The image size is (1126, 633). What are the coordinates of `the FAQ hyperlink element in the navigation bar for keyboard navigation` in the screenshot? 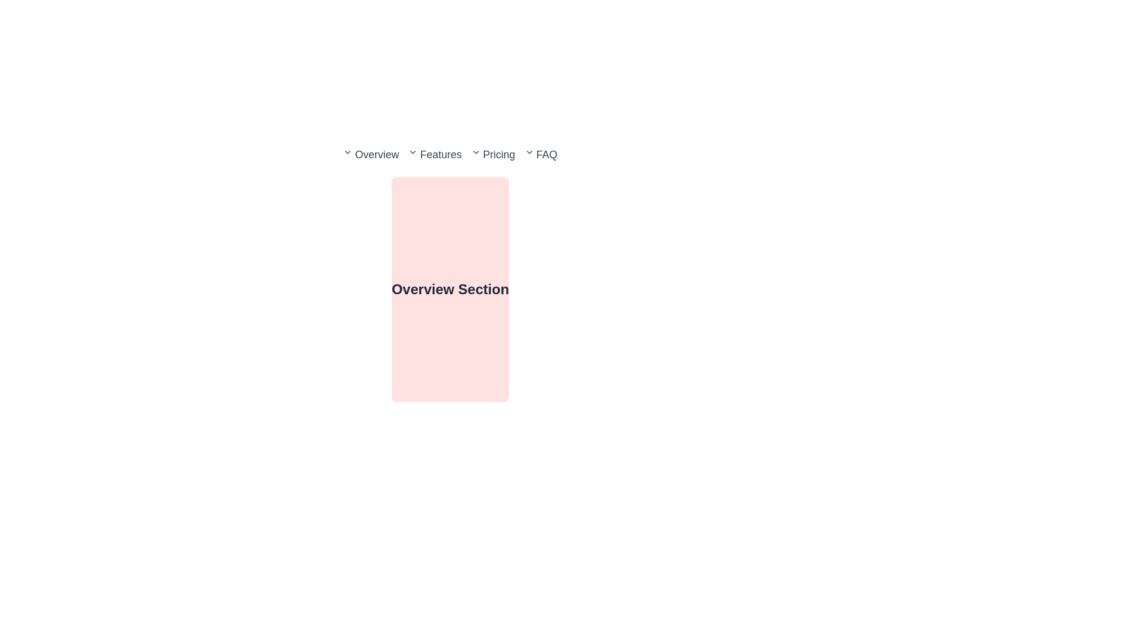 It's located at (540, 154).